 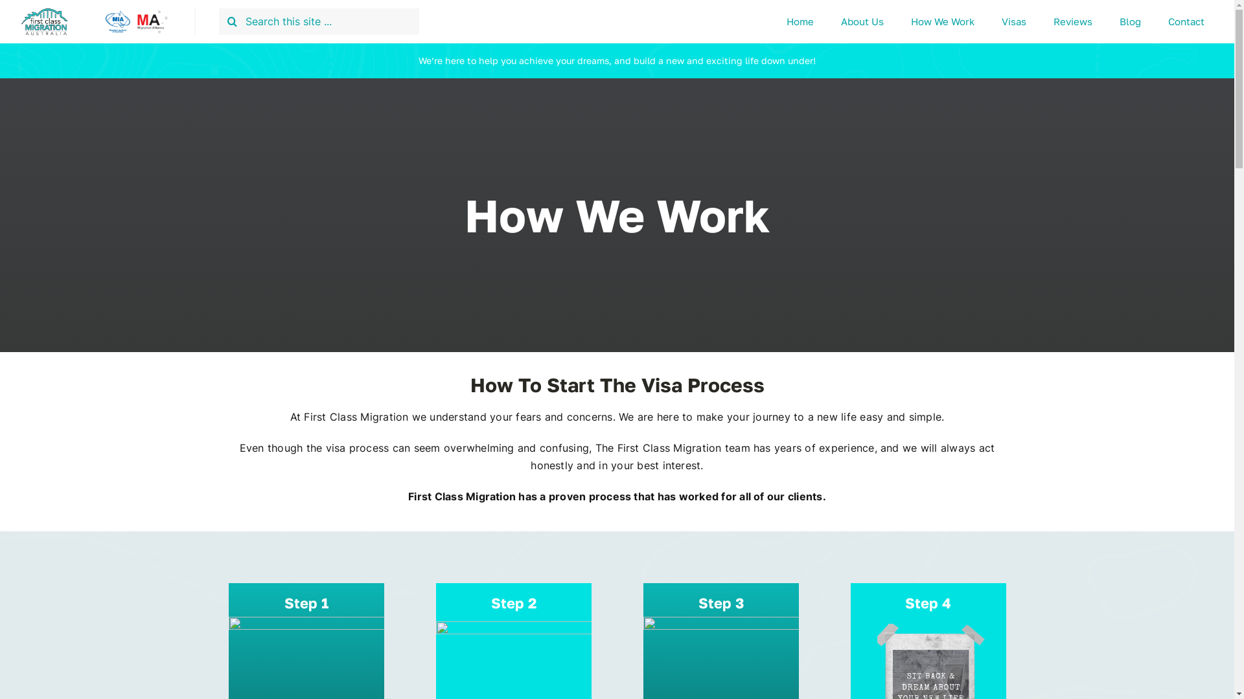 What do you see at coordinates (776, 21) in the screenshot?
I see `'Home'` at bounding box center [776, 21].